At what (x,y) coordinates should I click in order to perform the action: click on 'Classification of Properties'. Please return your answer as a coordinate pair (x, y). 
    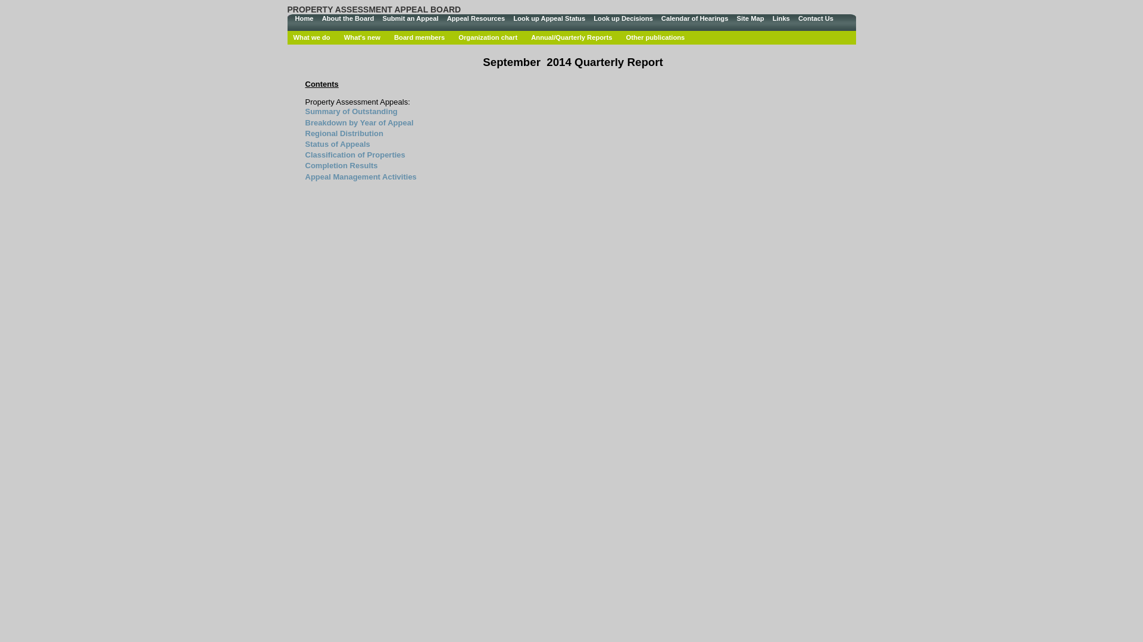
    Looking at the image, I should click on (354, 154).